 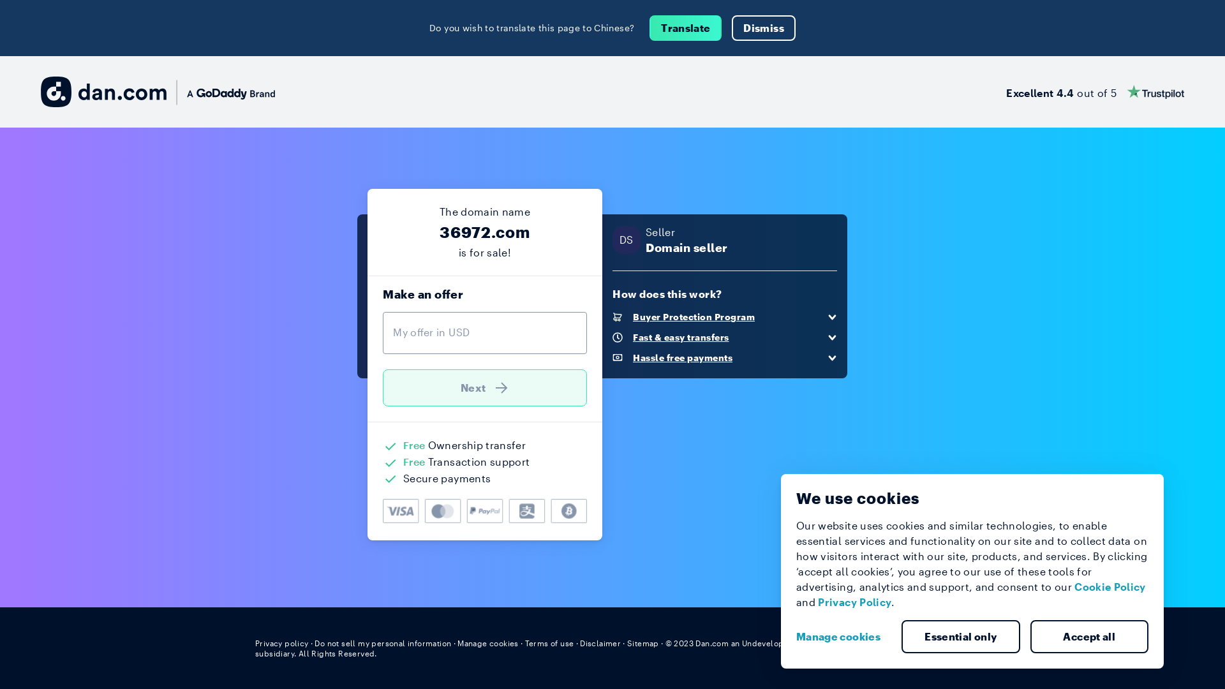 I want to click on 'Privacy policy', so click(x=281, y=642).